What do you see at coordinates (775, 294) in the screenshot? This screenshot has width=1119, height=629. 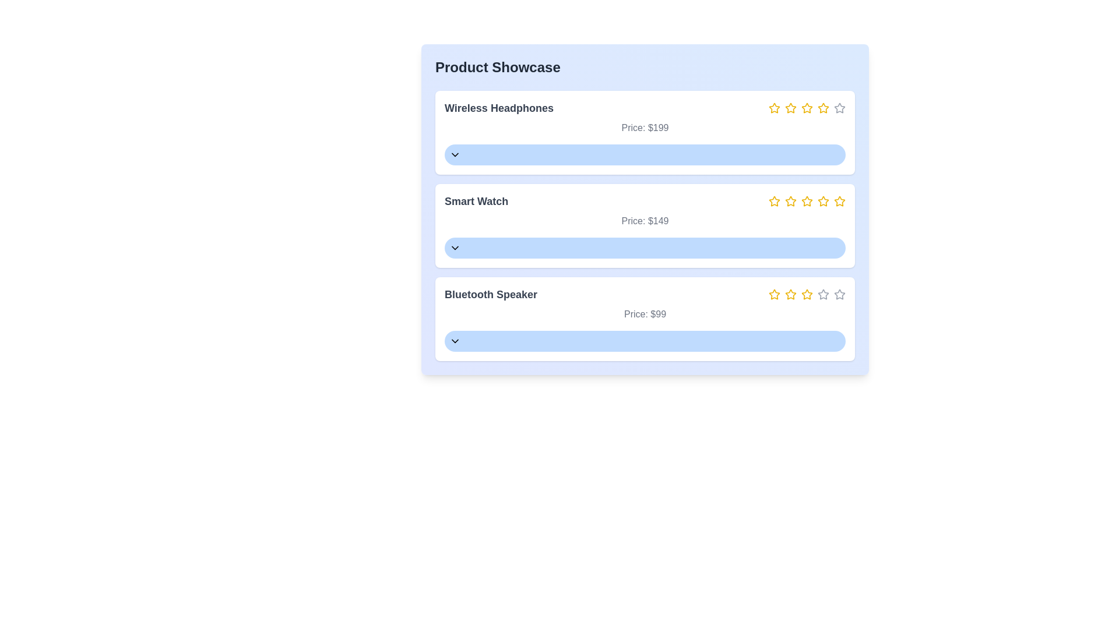 I see `the second star-shaped rating icon with yellow borders for the 'Bluetooth Speaker'` at bounding box center [775, 294].